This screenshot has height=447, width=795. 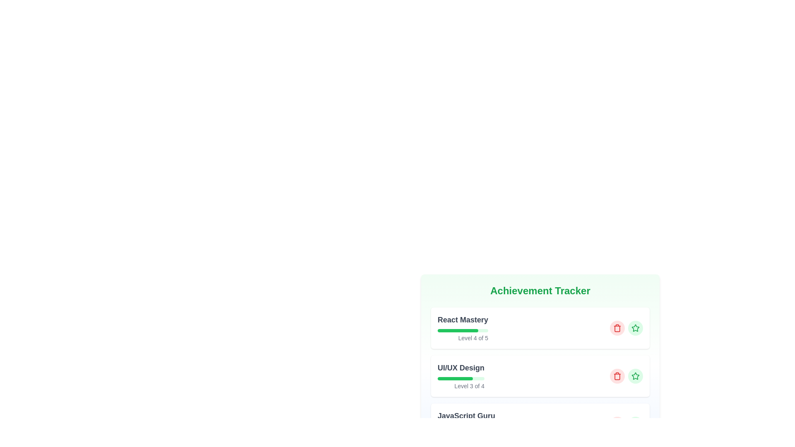 What do you see at coordinates (635, 376) in the screenshot?
I see `the star icon with a green border inside the circular button located at the top right corner of the 'React Mastery' list item in the 'Achievement Tracker' section` at bounding box center [635, 376].